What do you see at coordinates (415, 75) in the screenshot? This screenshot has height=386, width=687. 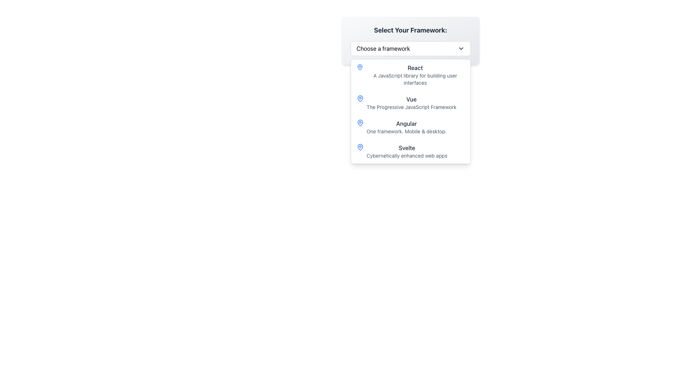 I see `the first list item in the dropdown menu labeled 'React' to navigate it via keyboard` at bounding box center [415, 75].